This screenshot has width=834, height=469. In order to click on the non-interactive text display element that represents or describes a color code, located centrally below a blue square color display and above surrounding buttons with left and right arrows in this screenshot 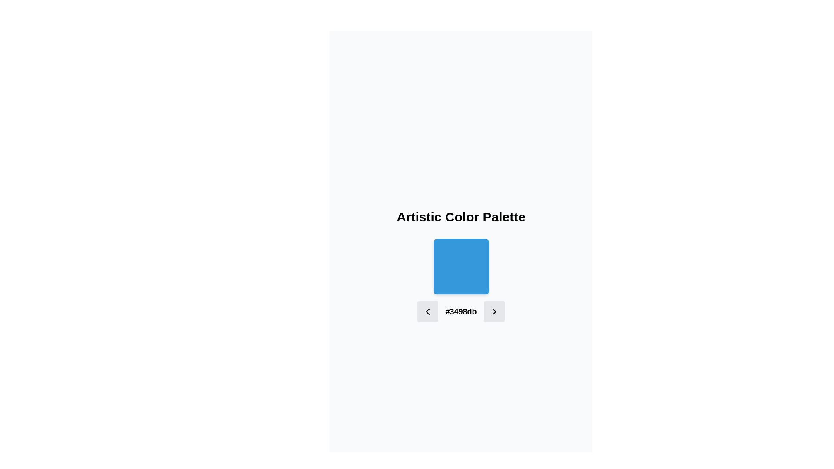, I will do `click(460, 311)`.